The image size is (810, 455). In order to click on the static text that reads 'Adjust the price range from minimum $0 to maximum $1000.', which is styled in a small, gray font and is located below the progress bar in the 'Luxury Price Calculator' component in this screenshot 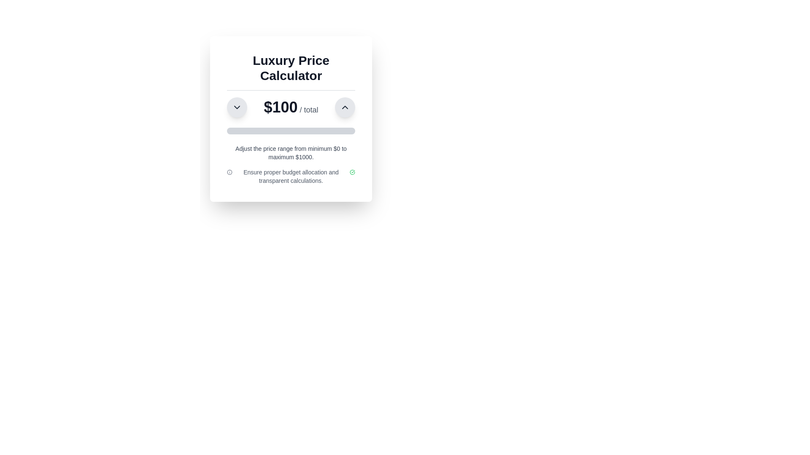, I will do `click(291, 153)`.